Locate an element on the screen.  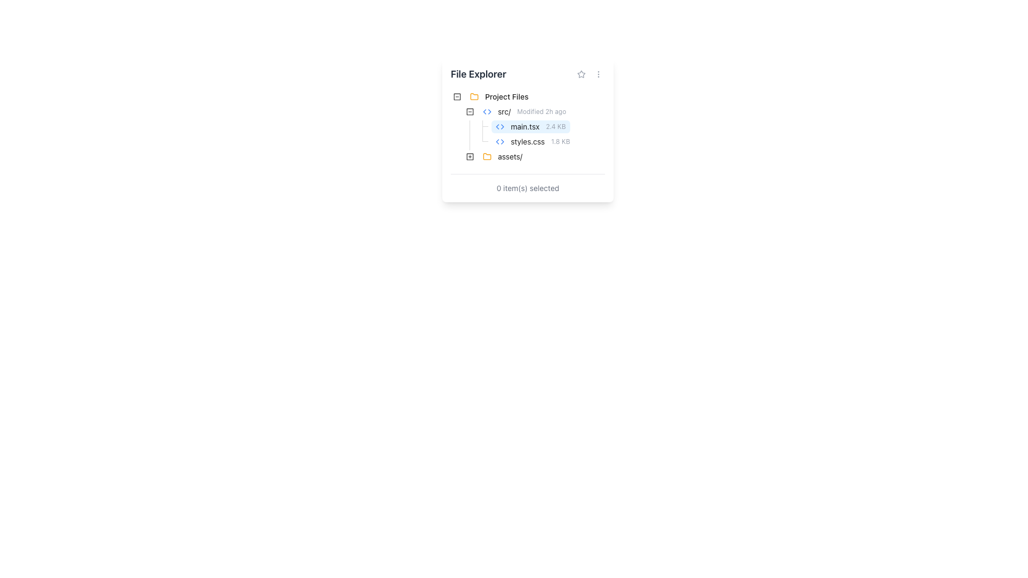
the coding icon, which is a blue icon with arrows pointing in opposite directions, located before the file named 'styles.css' in the file explorer interface is located at coordinates (500, 141).